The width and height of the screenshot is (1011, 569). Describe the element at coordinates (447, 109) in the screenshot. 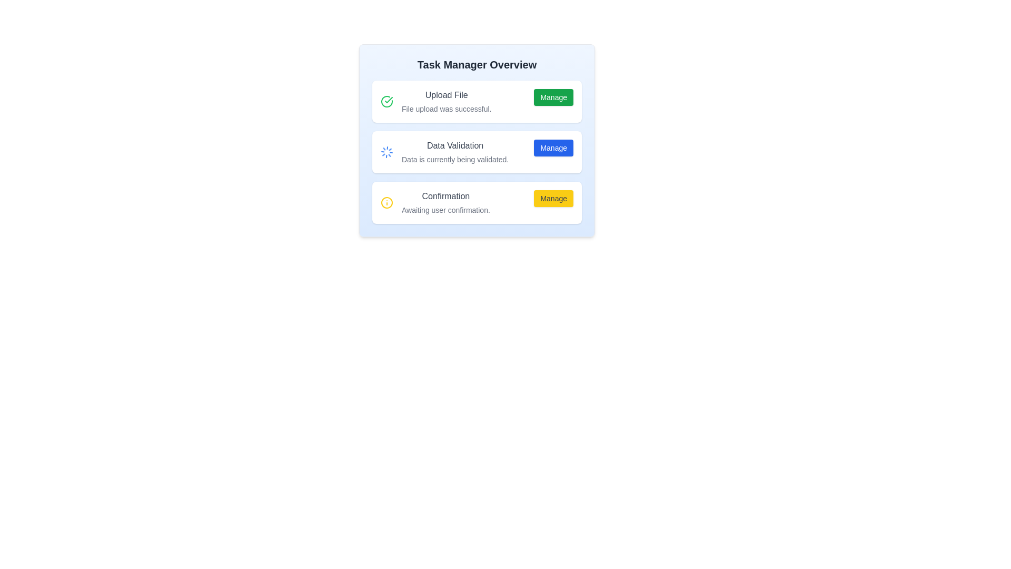

I see `the text label reading 'File upload was successful.' which is styled in a smaller font and lighter color, located under the 'Upload File' header within a card layout` at that location.